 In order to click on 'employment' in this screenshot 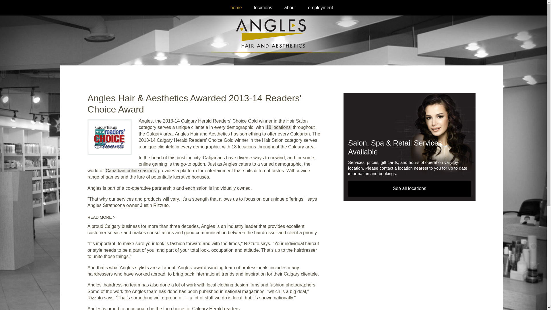, I will do `click(307, 7)`.